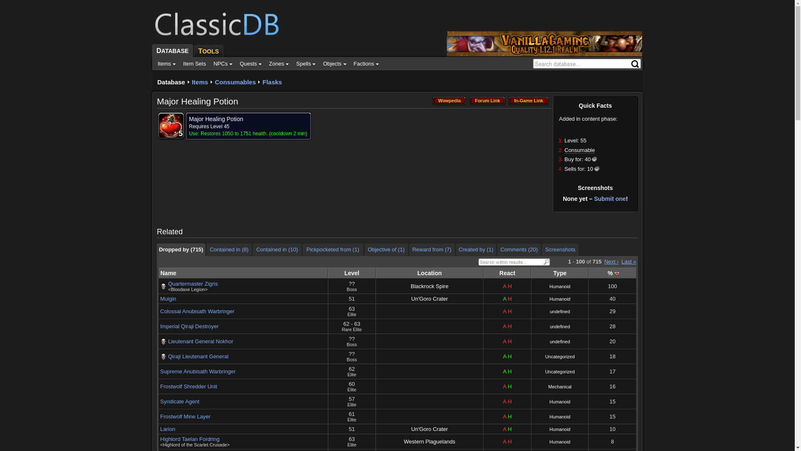  I want to click on 'Objects', so click(334, 63).